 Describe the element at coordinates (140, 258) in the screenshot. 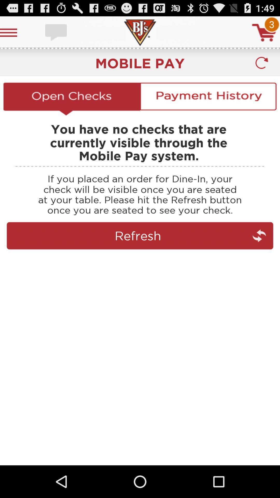

I see `seeing in tha paragraph` at that location.